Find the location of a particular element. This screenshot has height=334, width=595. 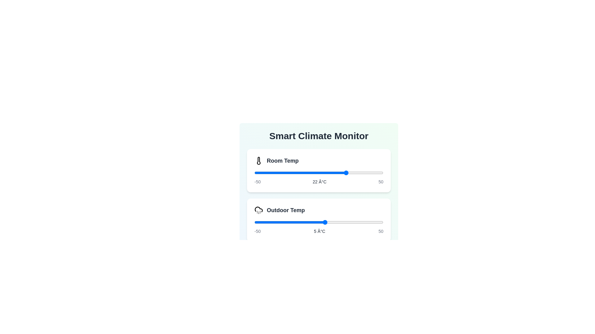

the slider for 'Room Temp' to set its value to 36 is located at coordinates (365, 173).